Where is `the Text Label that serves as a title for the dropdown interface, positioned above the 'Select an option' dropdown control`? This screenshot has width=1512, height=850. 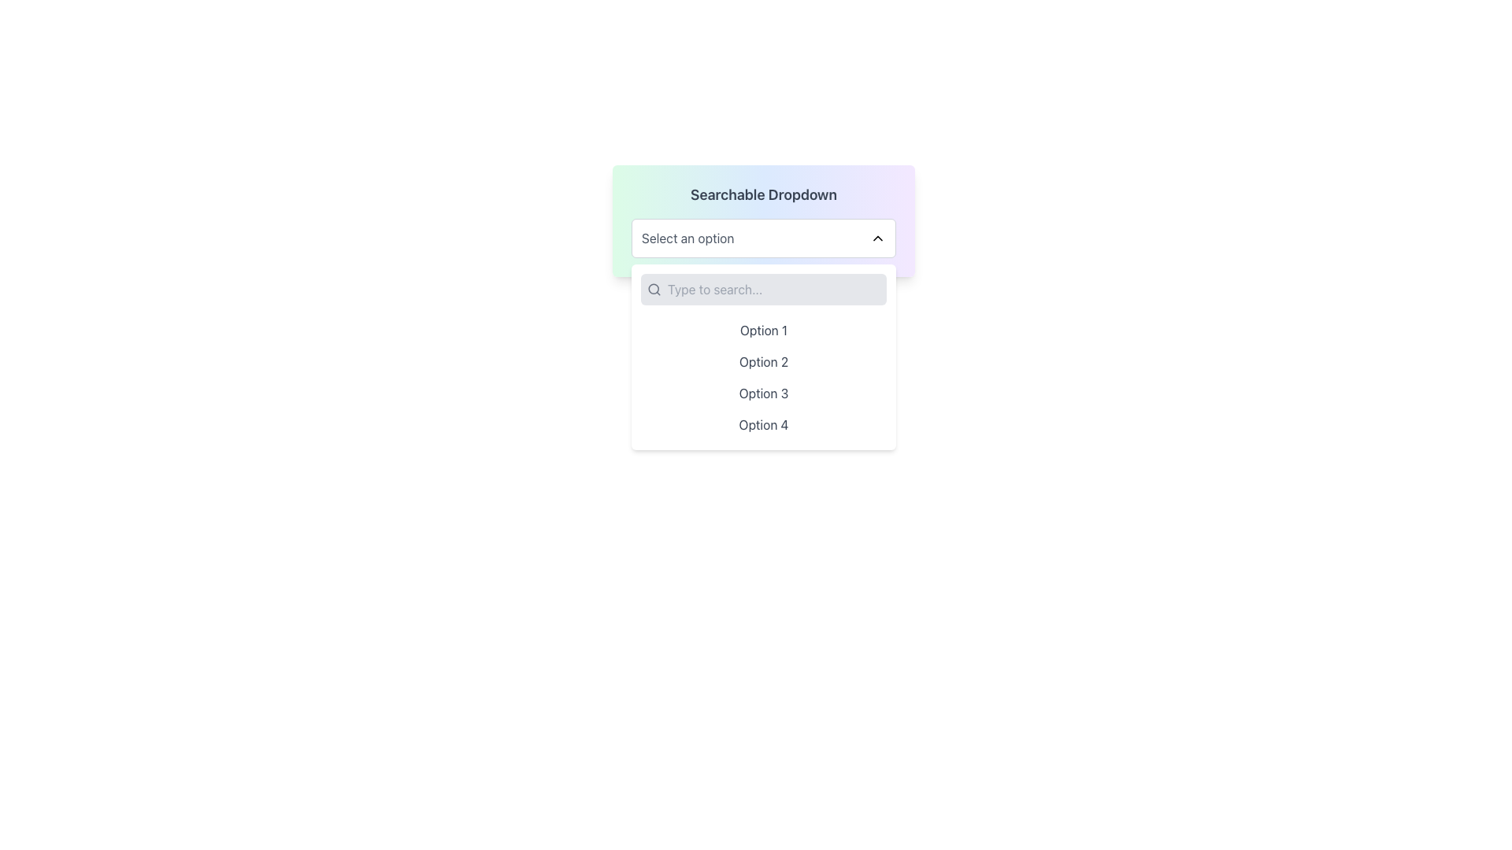
the Text Label that serves as a title for the dropdown interface, positioned above the 'Select an option' dropdown control is located at coordinates (763, 194).